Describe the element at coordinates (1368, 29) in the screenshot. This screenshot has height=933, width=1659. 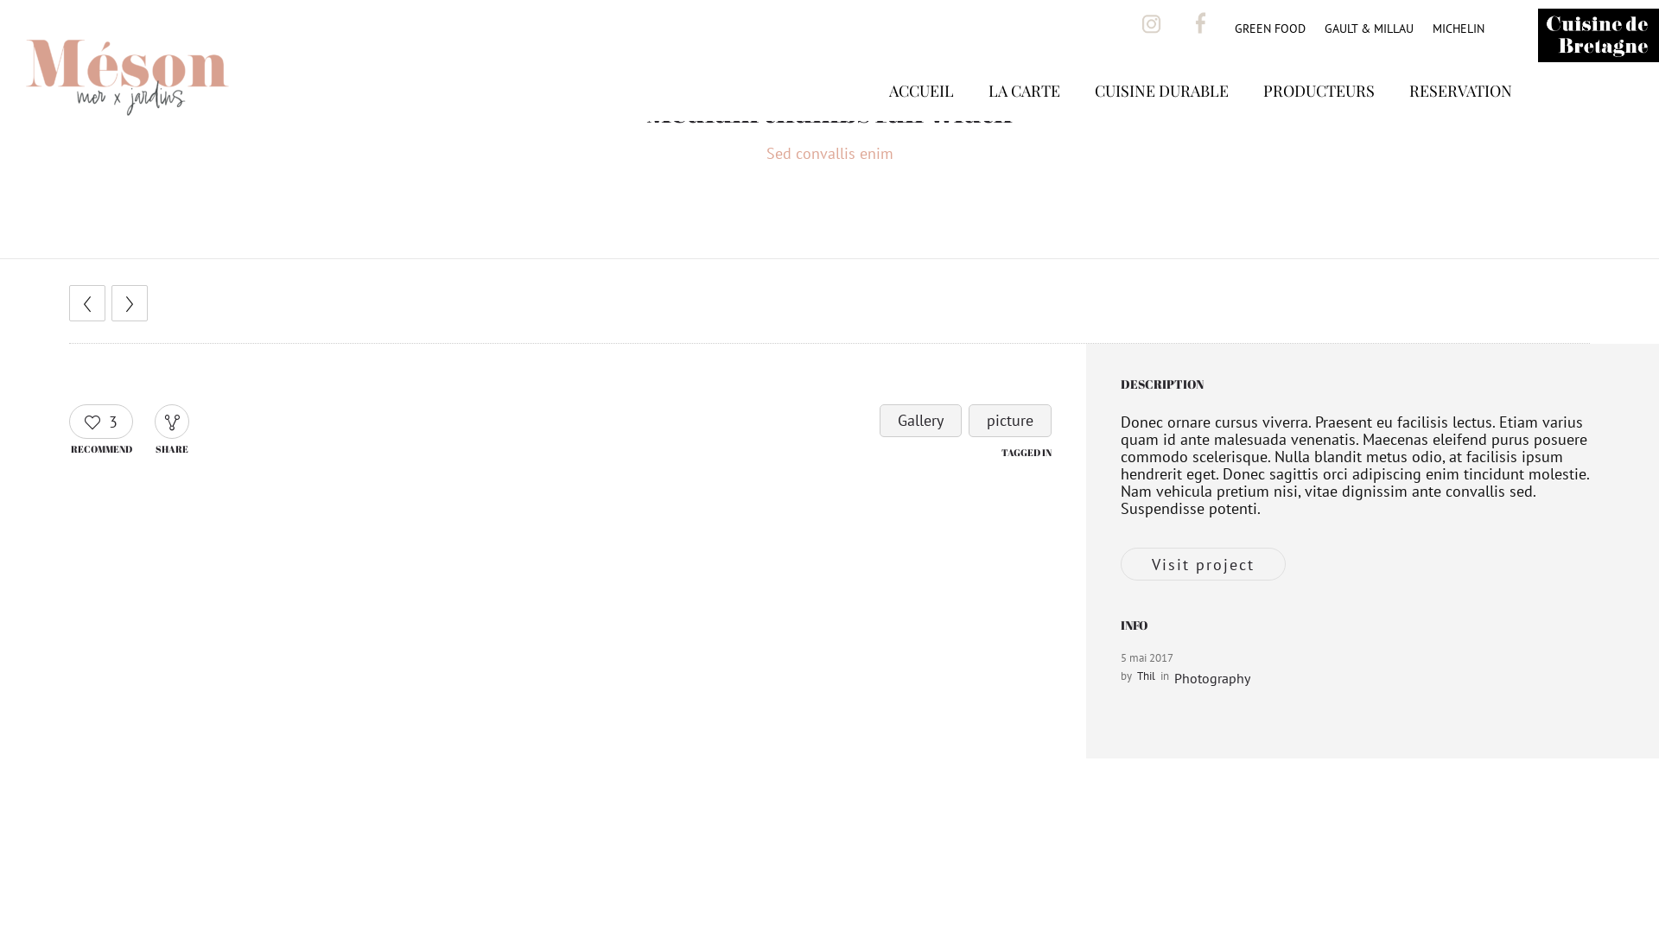
I see `'GAULT & MILLAU'` at that location.